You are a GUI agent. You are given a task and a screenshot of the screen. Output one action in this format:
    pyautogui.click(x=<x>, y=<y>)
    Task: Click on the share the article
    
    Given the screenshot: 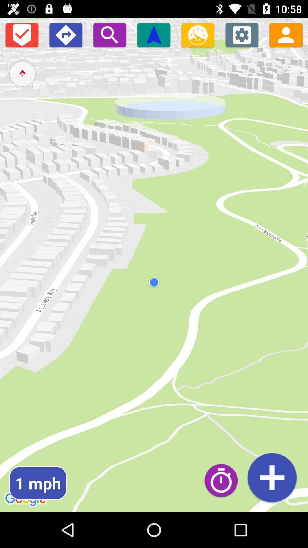 What is the action you would take?
    pyautogui.click(x=286, y=35)
    